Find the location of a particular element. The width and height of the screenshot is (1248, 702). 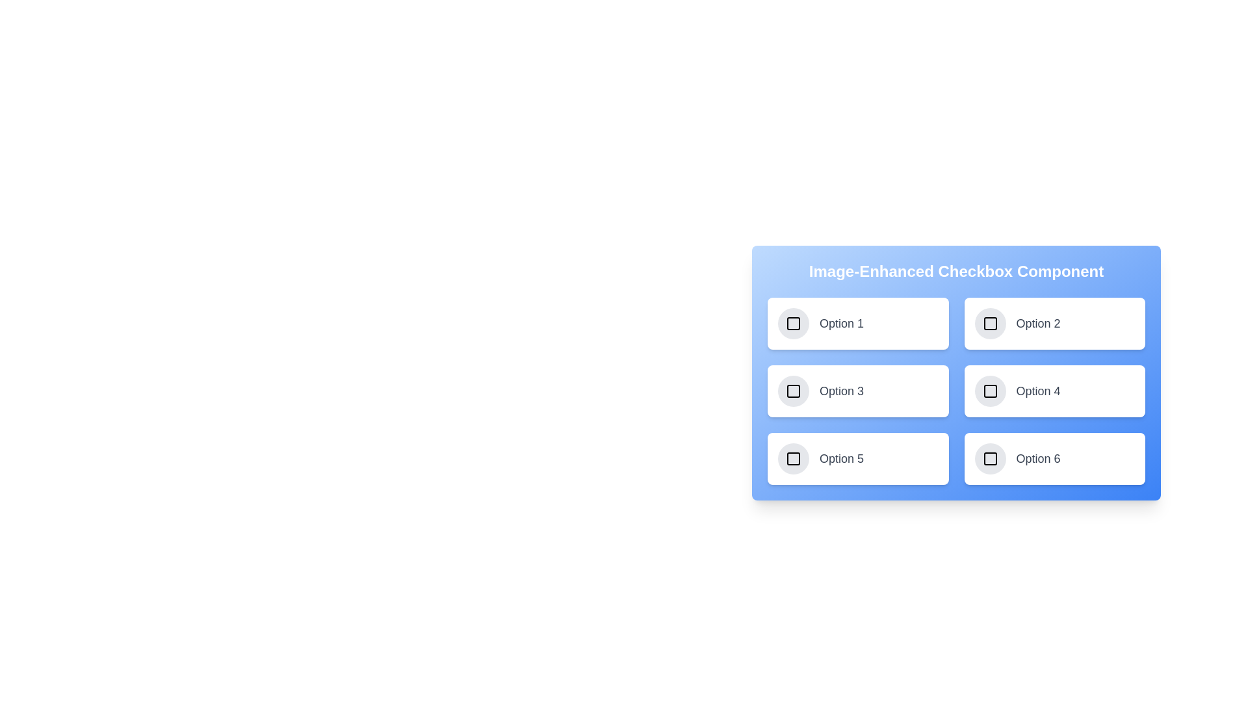

the checkbox corresponding to 5 is located at coordinates (792, 458).